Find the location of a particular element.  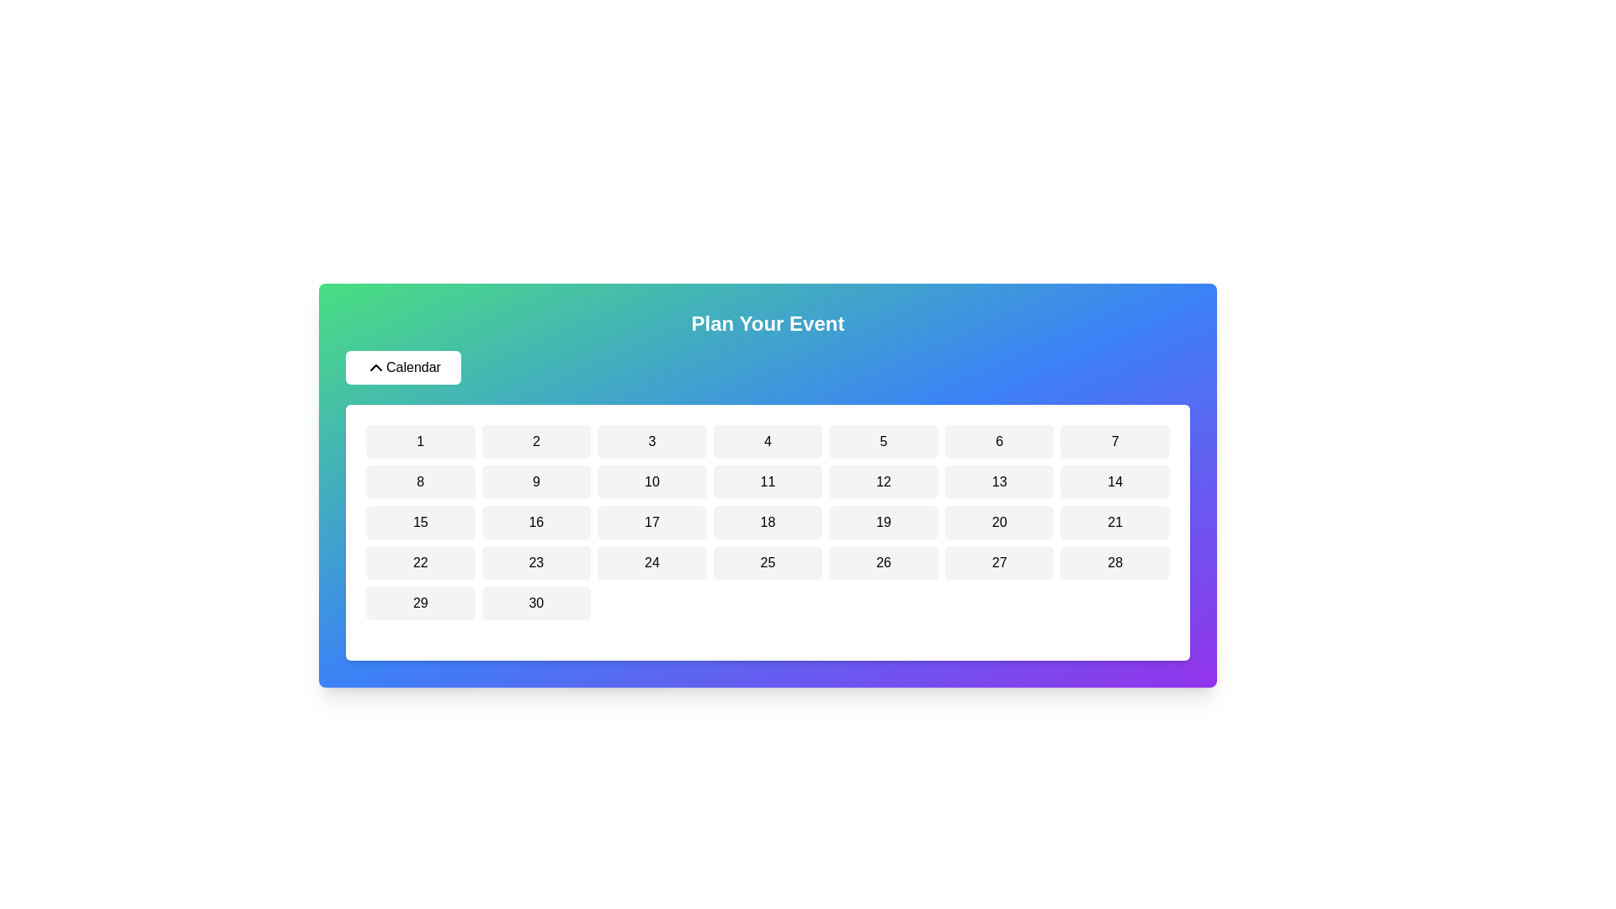

the selection button for the number '14' is located at coordinates (1115, 482).